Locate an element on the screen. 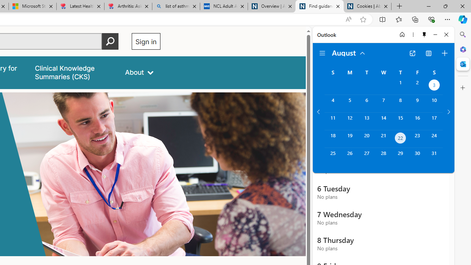 This screenshot has height=265, width=471. 'Sign in' is located at coordinates (146, 41).